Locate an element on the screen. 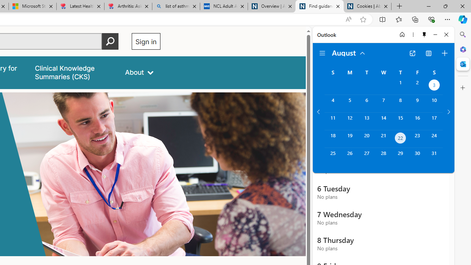 This screenshot has height=265, width=471. 'Sign in' is located at coordinates (146, 41).